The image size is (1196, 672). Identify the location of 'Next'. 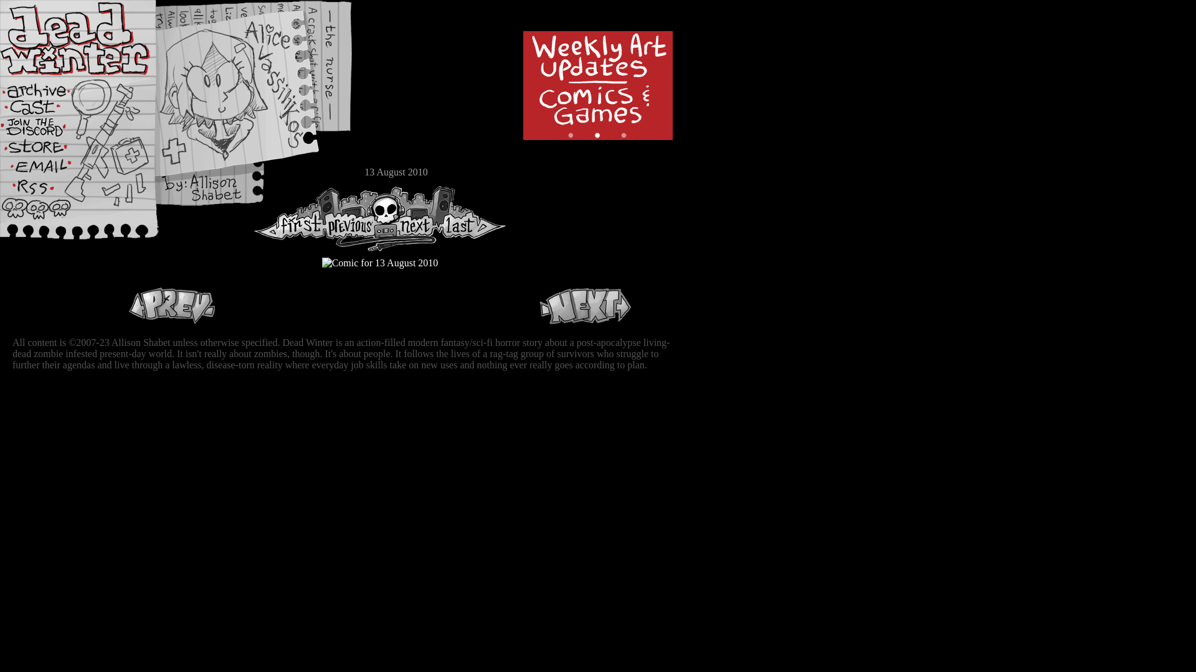
(585, 306).